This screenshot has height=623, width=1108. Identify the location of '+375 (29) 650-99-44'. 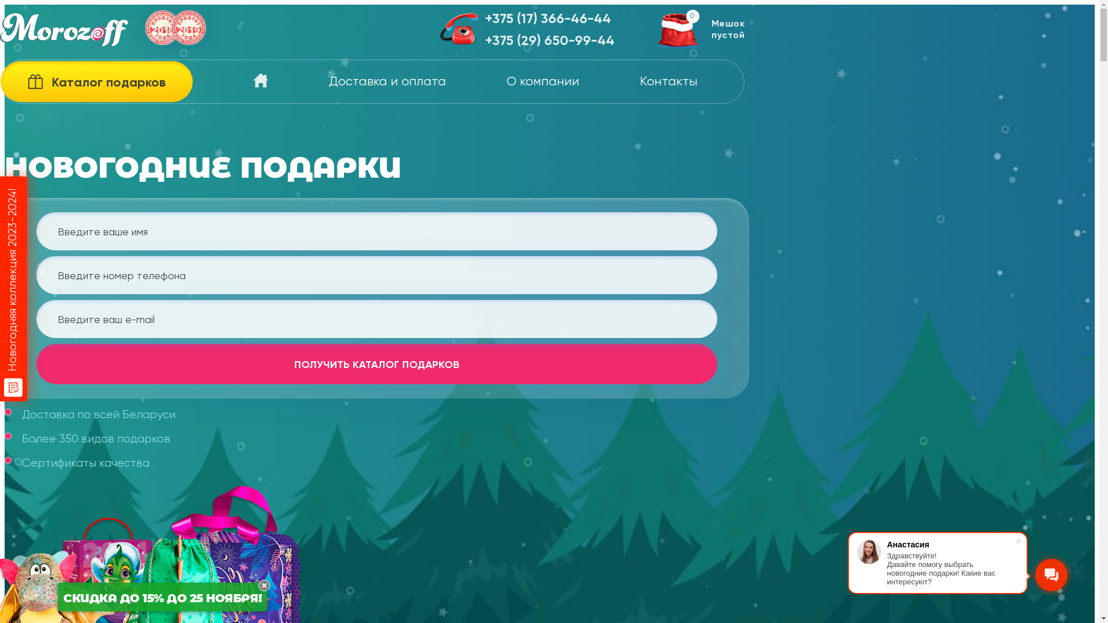
(549, 40).